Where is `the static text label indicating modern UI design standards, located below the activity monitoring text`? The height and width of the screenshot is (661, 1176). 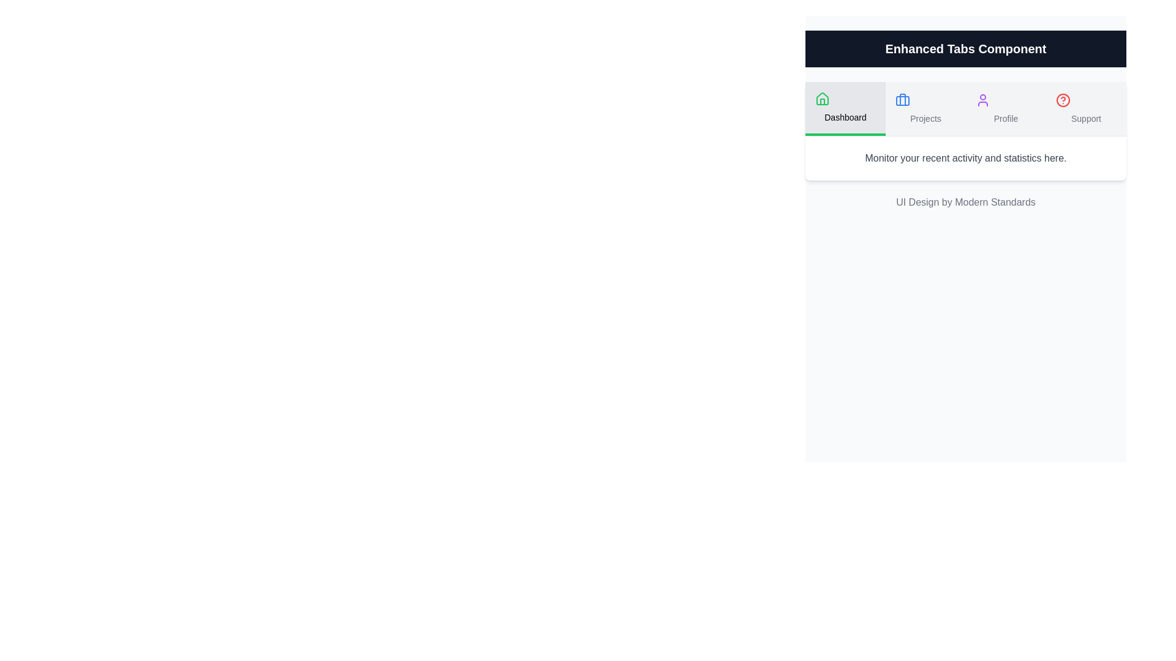 the static text label indicating modern UI design standards, located below the activity monitoring text is located at coordinates (965, 202).